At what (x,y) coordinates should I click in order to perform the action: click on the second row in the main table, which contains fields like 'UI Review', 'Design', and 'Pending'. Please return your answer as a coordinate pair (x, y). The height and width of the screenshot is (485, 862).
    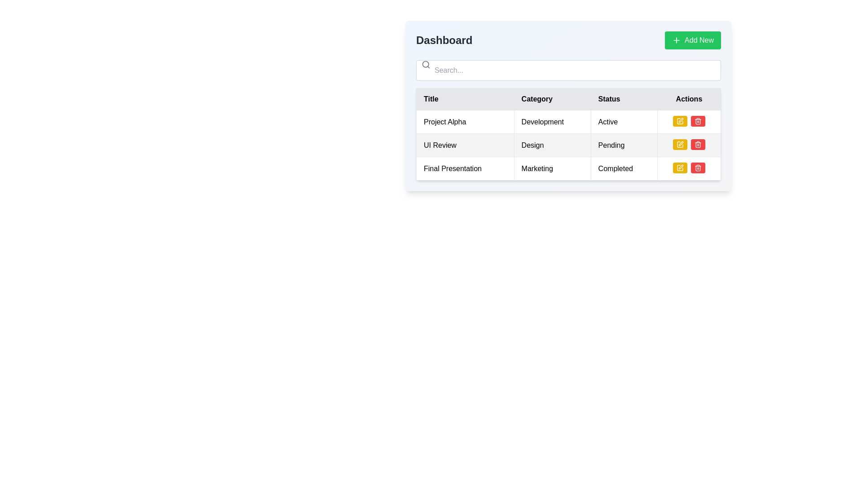
    Looking at the image, I should click on (568, 145).